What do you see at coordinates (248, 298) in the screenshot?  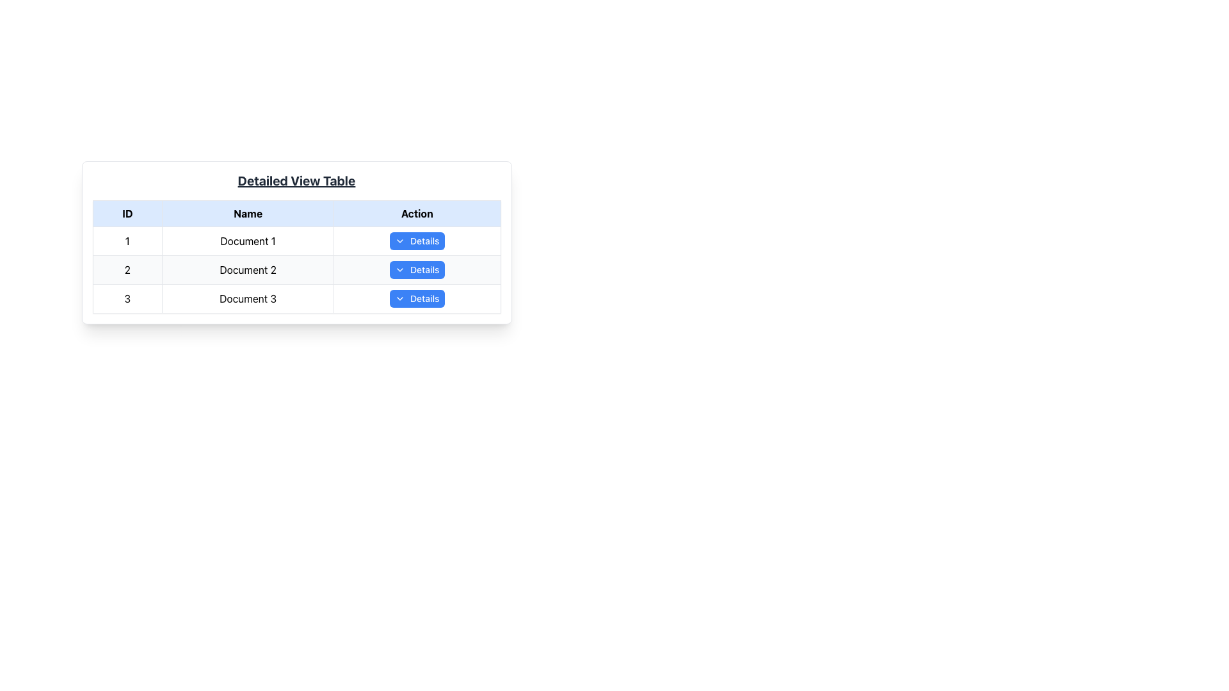 I see `the text display element that shows 'Document 3' in the 'Name' column of the table, located in the third row` at bounding box center [248, 298].